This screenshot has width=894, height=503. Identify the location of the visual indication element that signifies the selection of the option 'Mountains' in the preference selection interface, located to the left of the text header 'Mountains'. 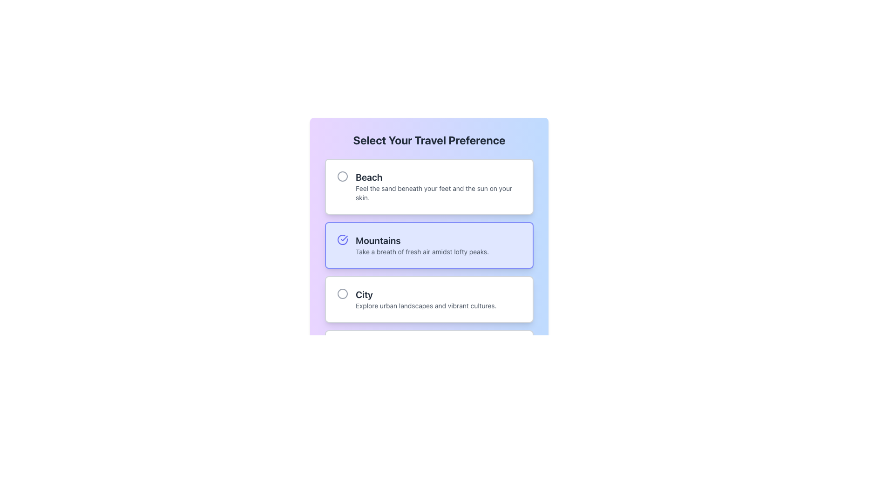
(342, 239).